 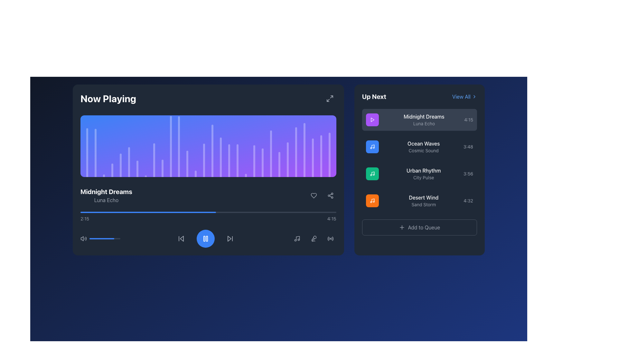 I want to click on the share button located in the bottom right corner of the 'Now Playing' section, adjacent to the heart-shaped 'like' button, so click(x=330, y=195).